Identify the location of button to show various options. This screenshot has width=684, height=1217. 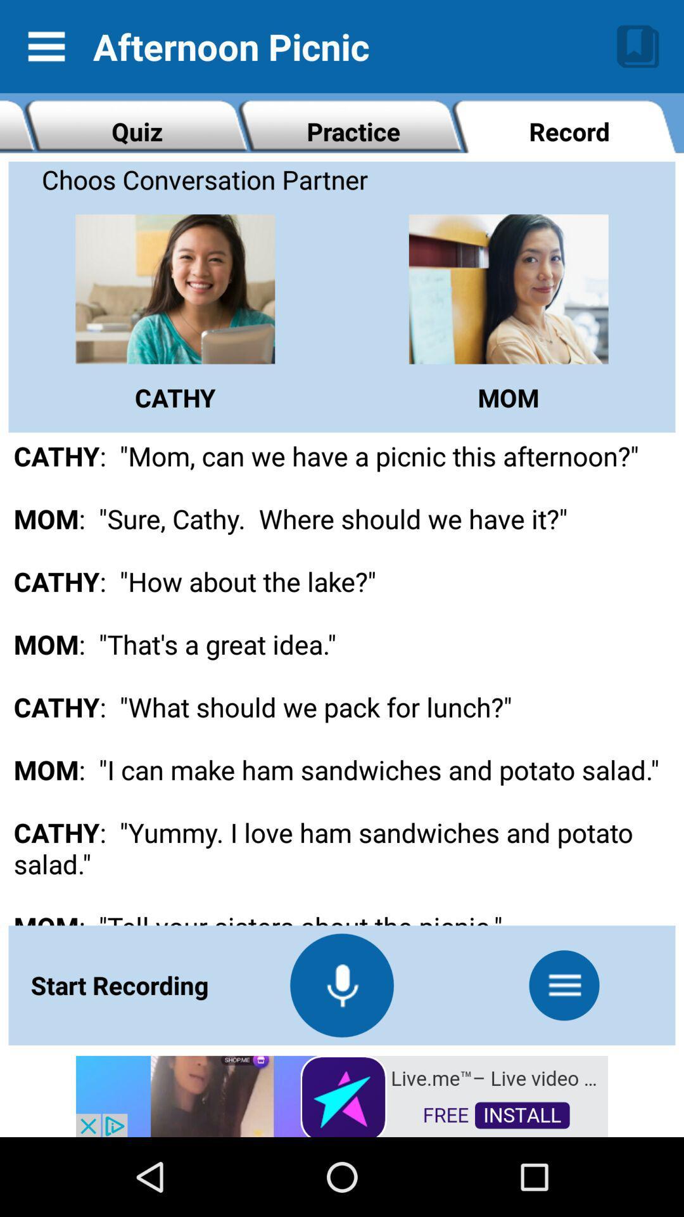
(564, 984).